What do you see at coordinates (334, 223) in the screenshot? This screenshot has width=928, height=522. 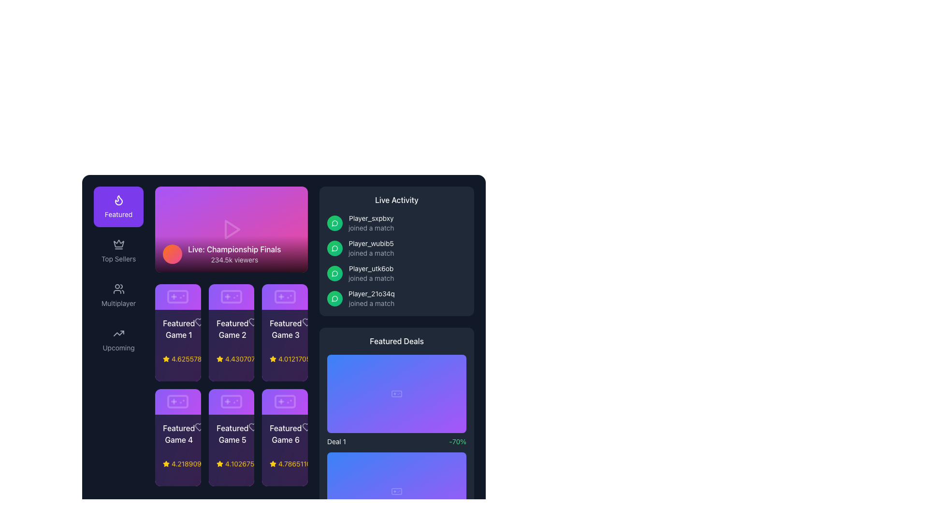 I see `the first circular green gradient icon with a speech bubble outline in the 'Live Activity' section, positioned to the left of 'Player_sxpbxy joined a match.'` at bounding box center [334, 223].